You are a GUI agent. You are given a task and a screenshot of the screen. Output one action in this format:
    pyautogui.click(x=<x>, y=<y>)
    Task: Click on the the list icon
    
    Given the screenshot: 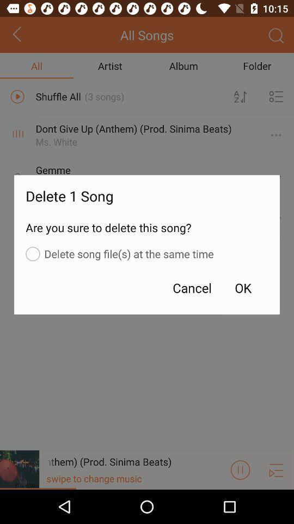 What is the action you would take?
    pyautogui.click(x=276, y=503)
    